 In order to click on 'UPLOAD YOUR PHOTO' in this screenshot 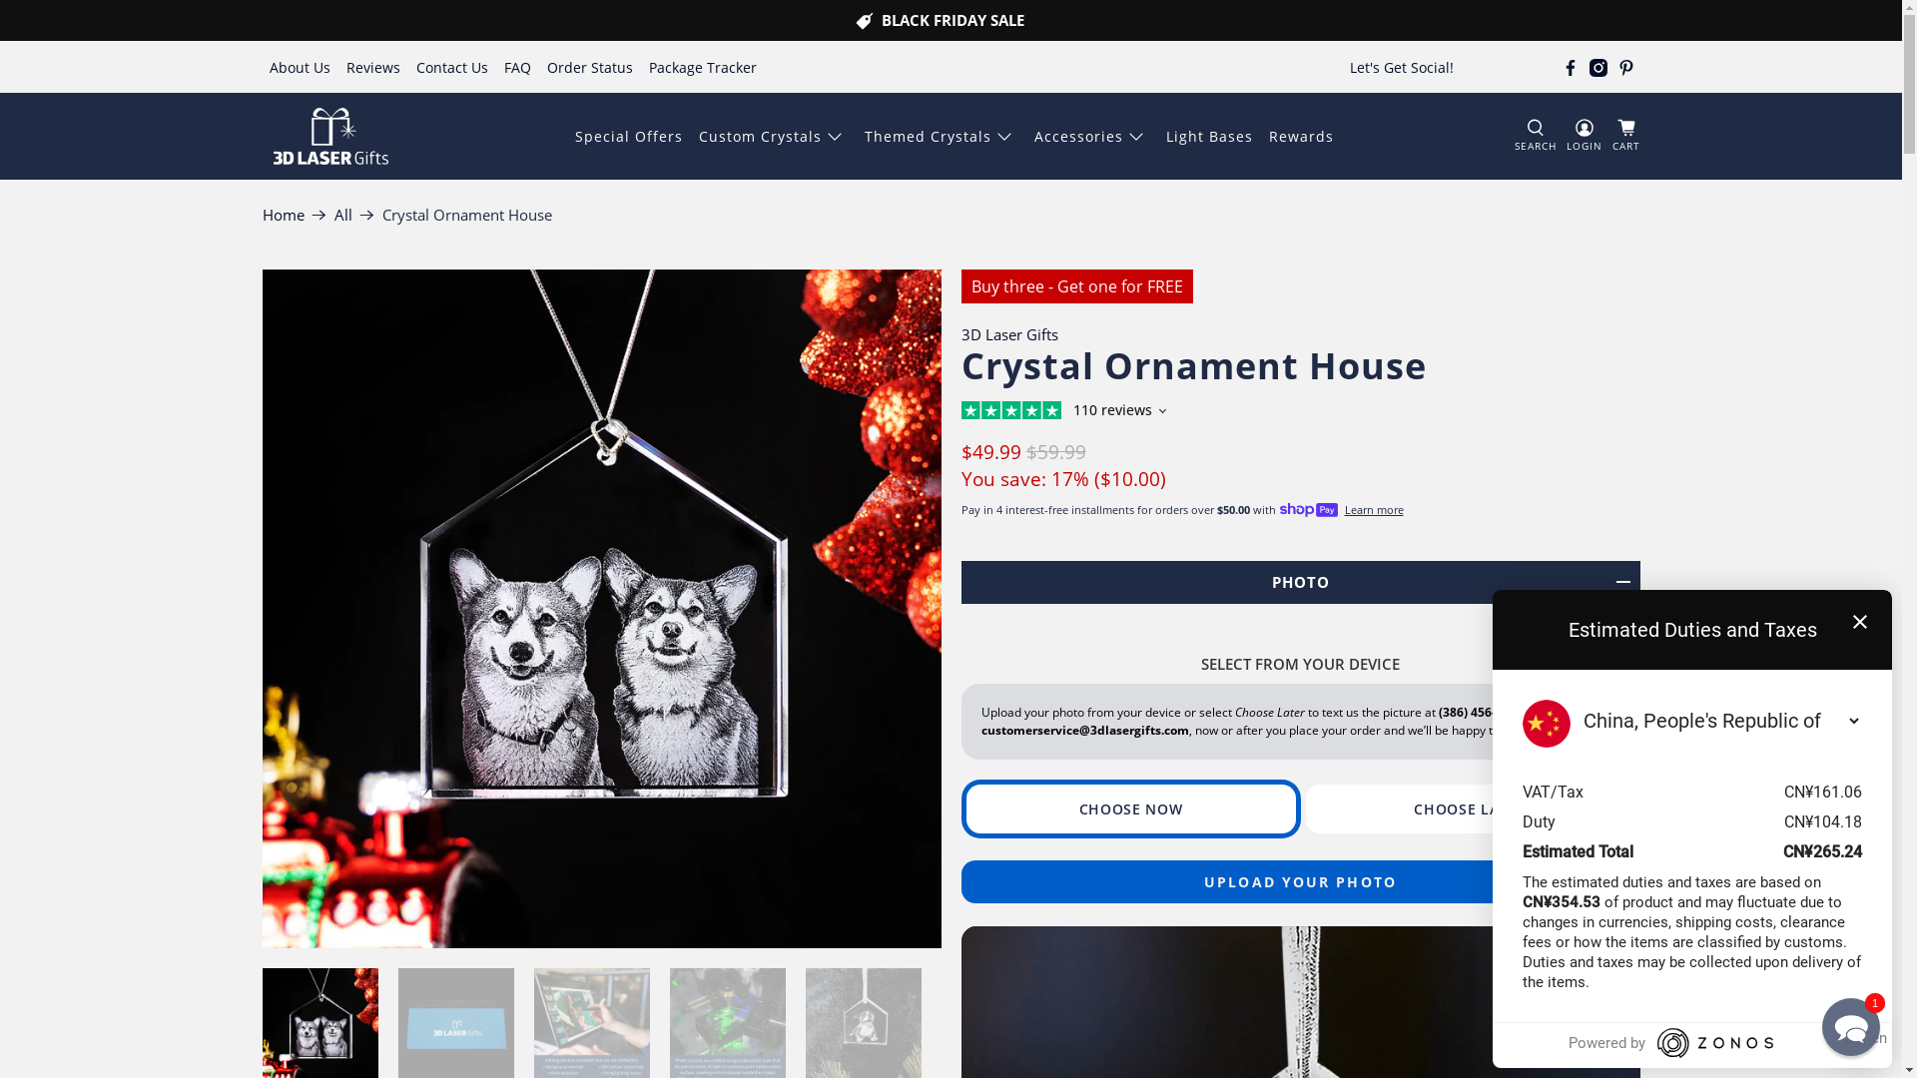, I will do `click(1299, 880)`.